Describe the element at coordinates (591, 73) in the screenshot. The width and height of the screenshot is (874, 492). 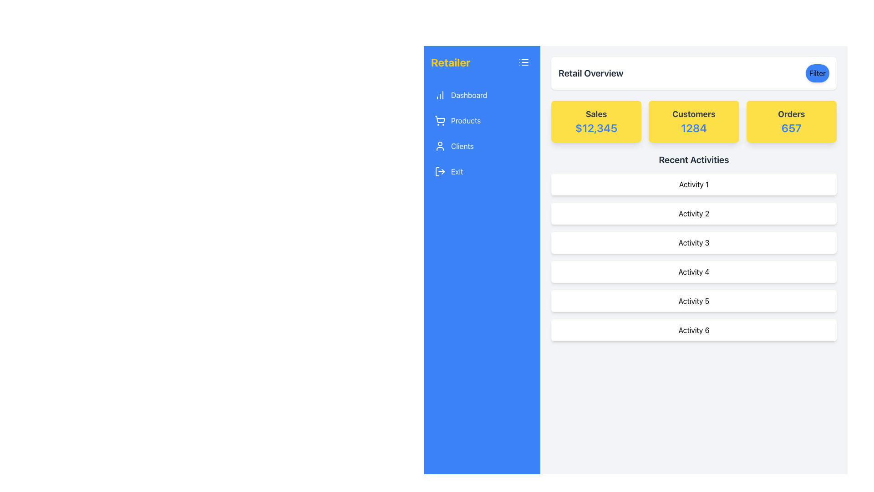
I see `text content of the 'Retail Overview' label, which is a large bold text in dark gray located at the top-left section of the main content area` at that location.